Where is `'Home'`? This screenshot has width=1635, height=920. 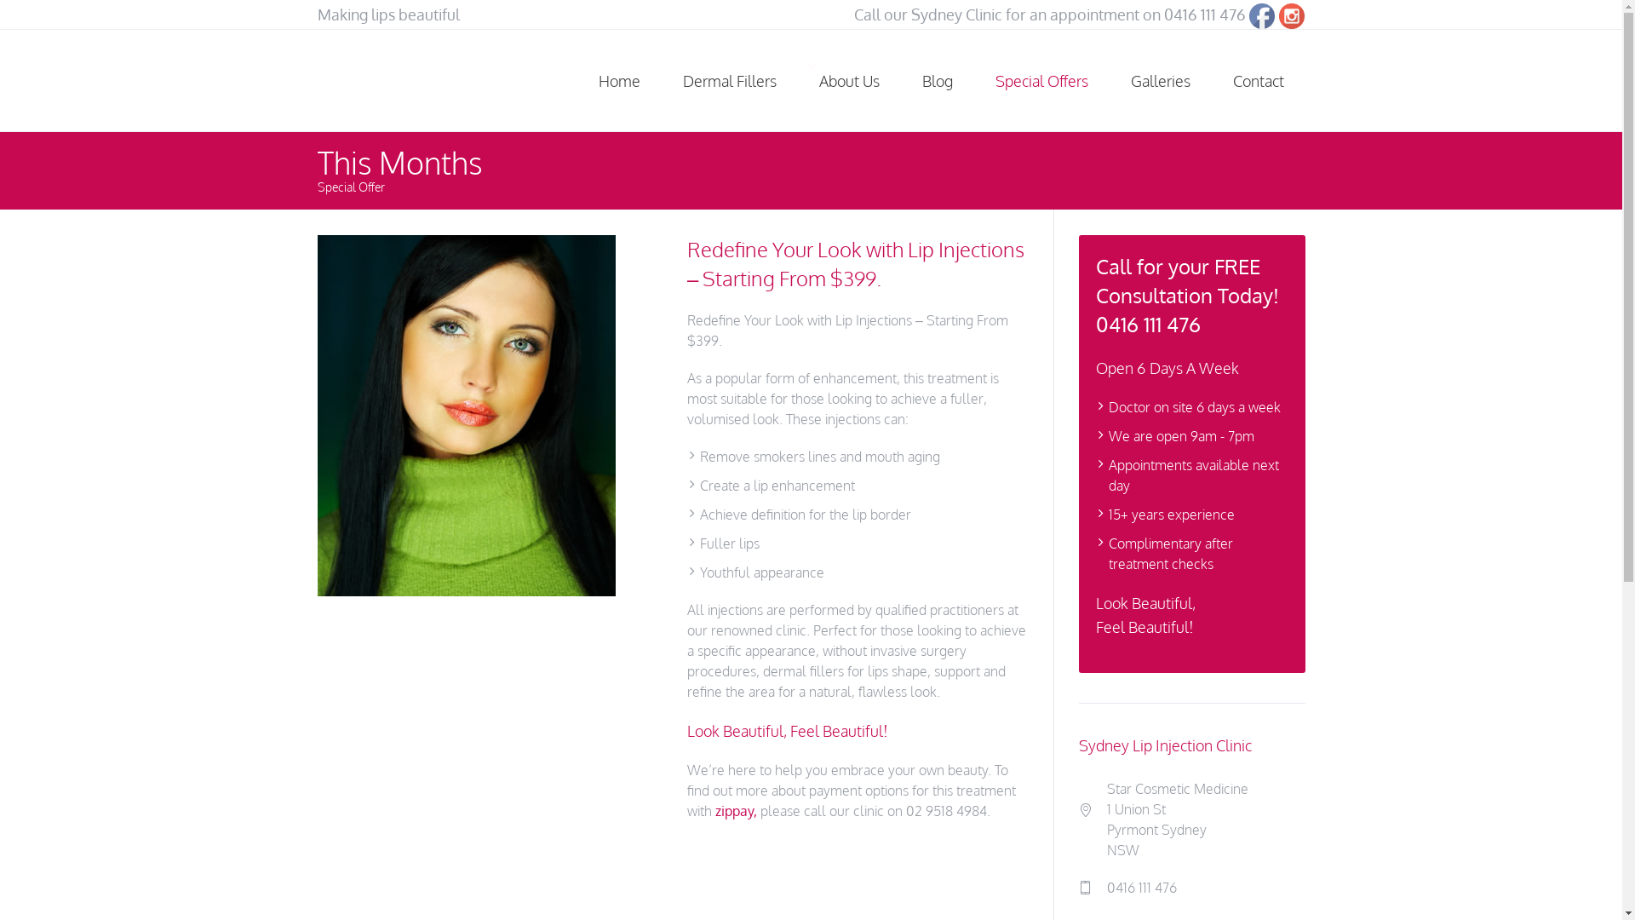
'Home' is located at coordinates (618, 81).